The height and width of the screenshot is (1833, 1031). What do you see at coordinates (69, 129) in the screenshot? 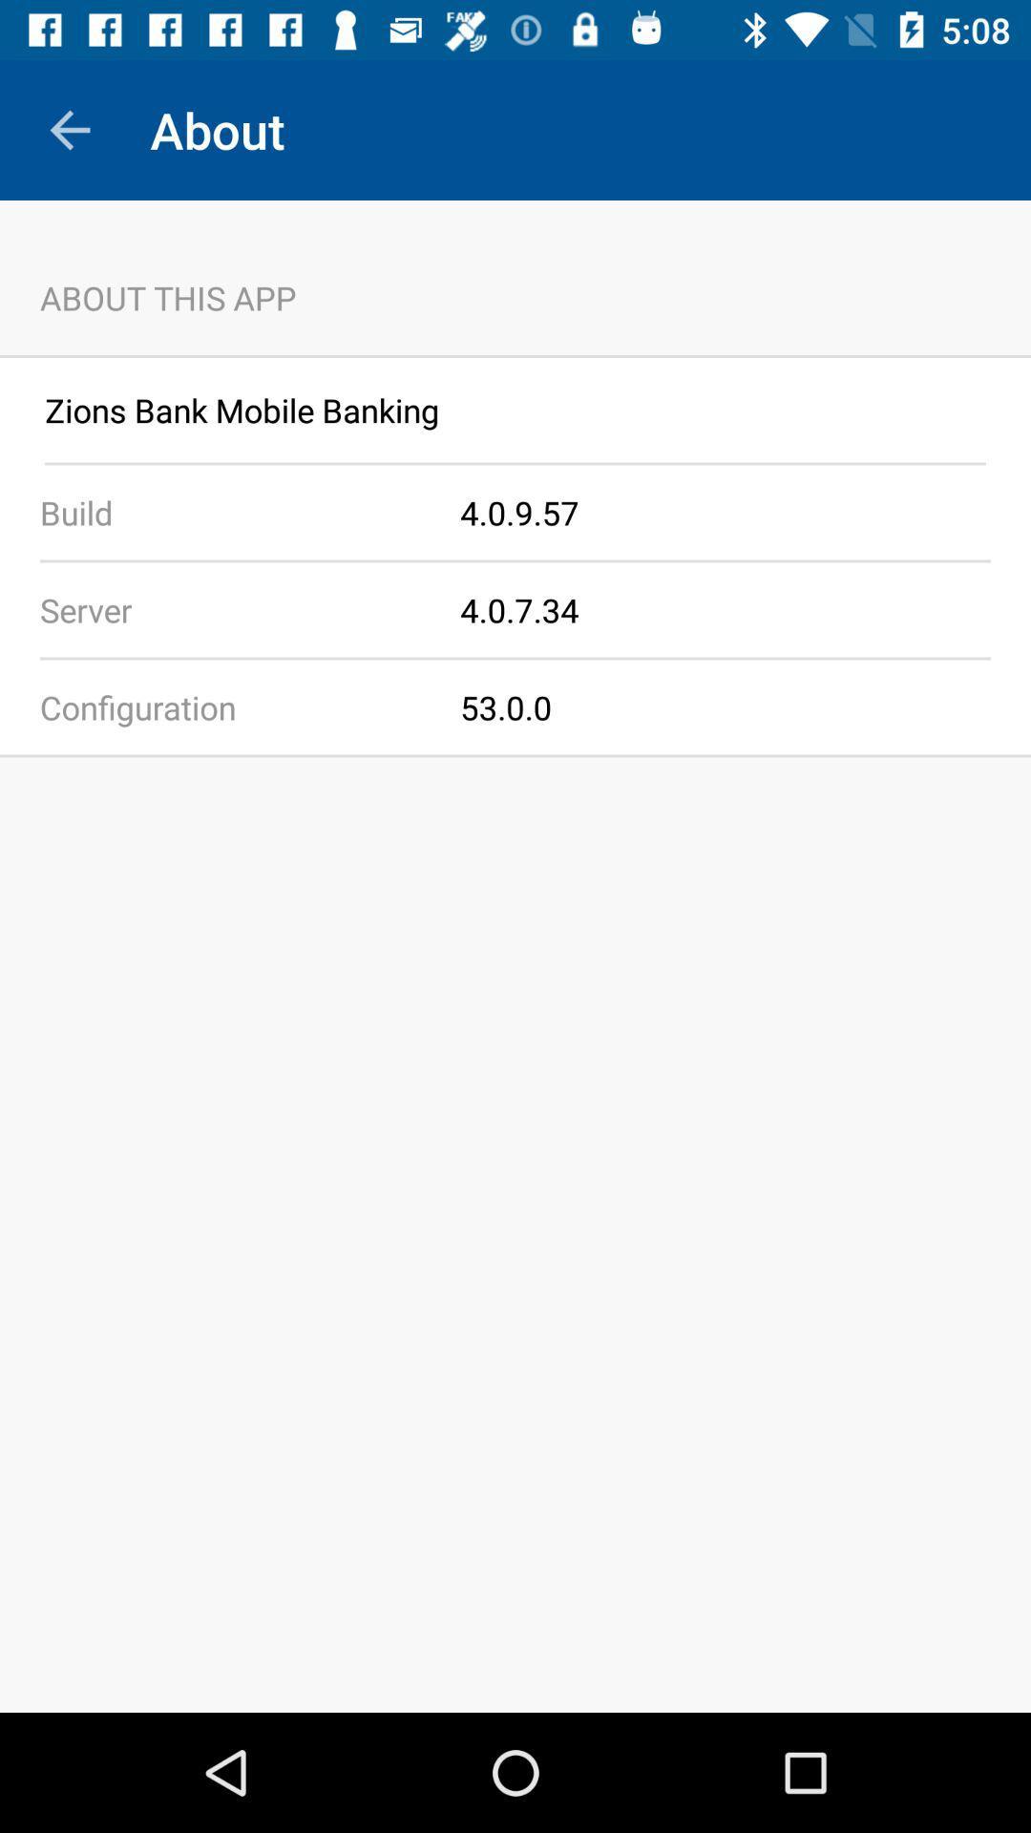
I see `the app to the left of the about` at bounding box center [69, 129].